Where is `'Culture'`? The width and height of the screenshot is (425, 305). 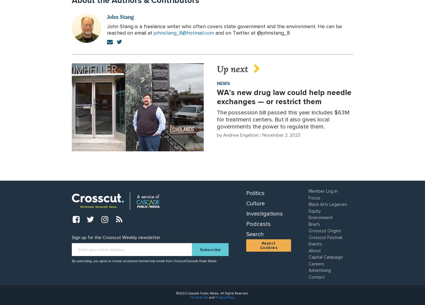 'Culture' is located at coordinates (246, 203).